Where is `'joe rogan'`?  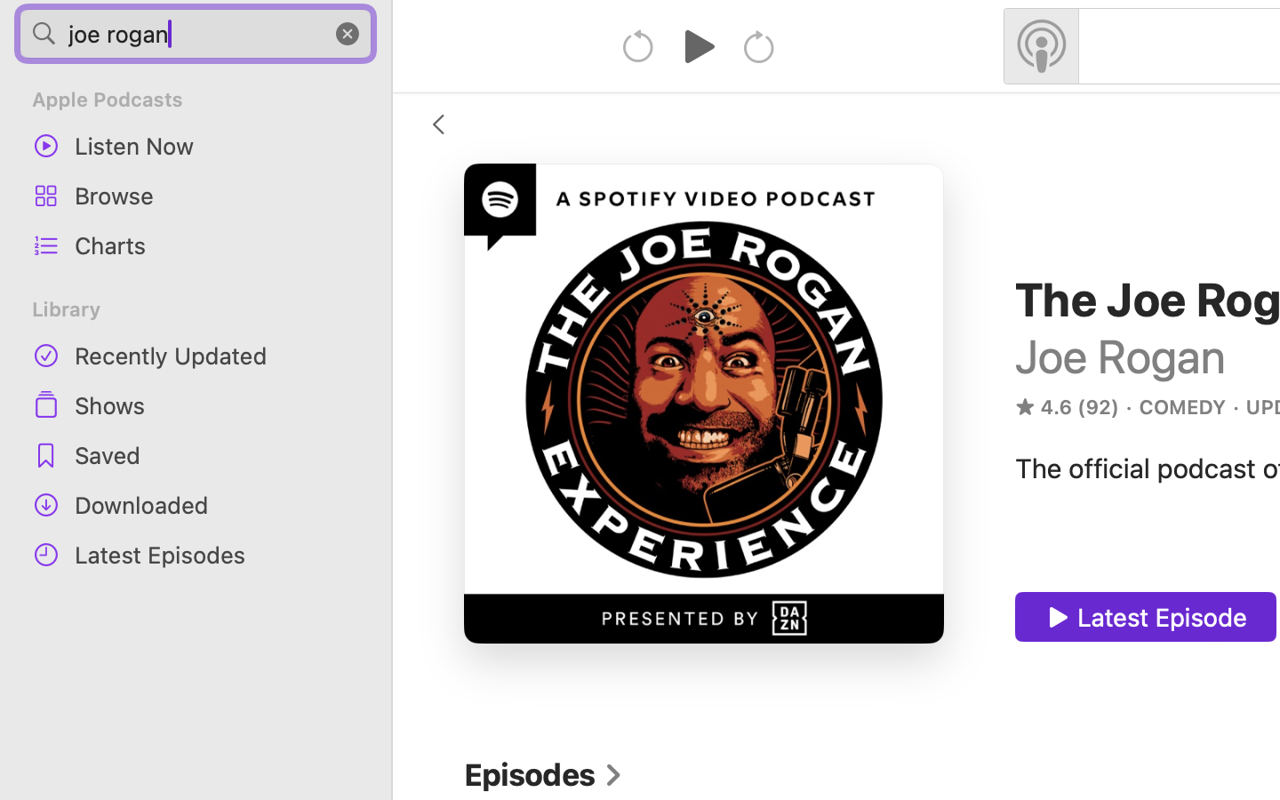
'joe rogan' is located at coordinates (196, 32).